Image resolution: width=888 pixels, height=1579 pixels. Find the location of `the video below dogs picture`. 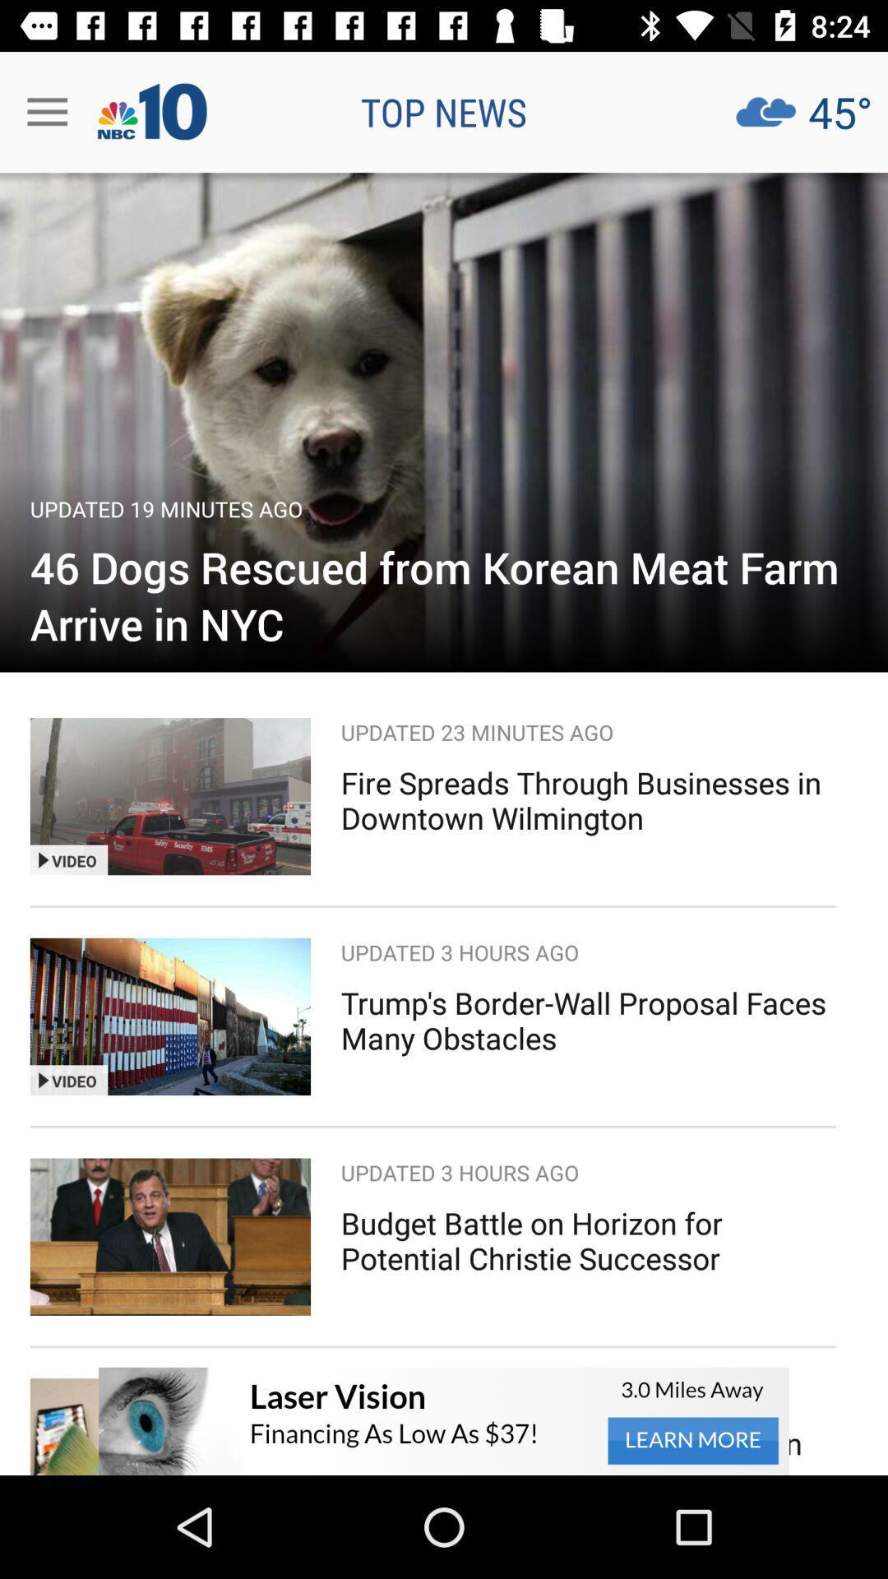

the video below dogs picture is located at coordinates (170, 796).